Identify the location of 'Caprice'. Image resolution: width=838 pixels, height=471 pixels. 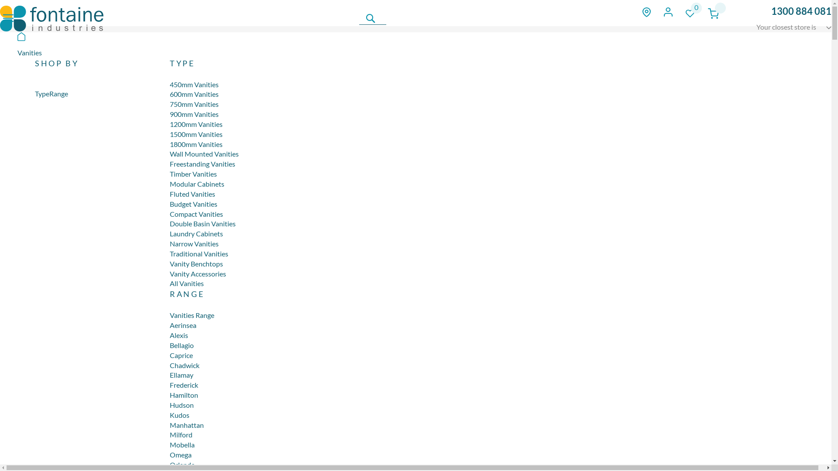
(181, 355).